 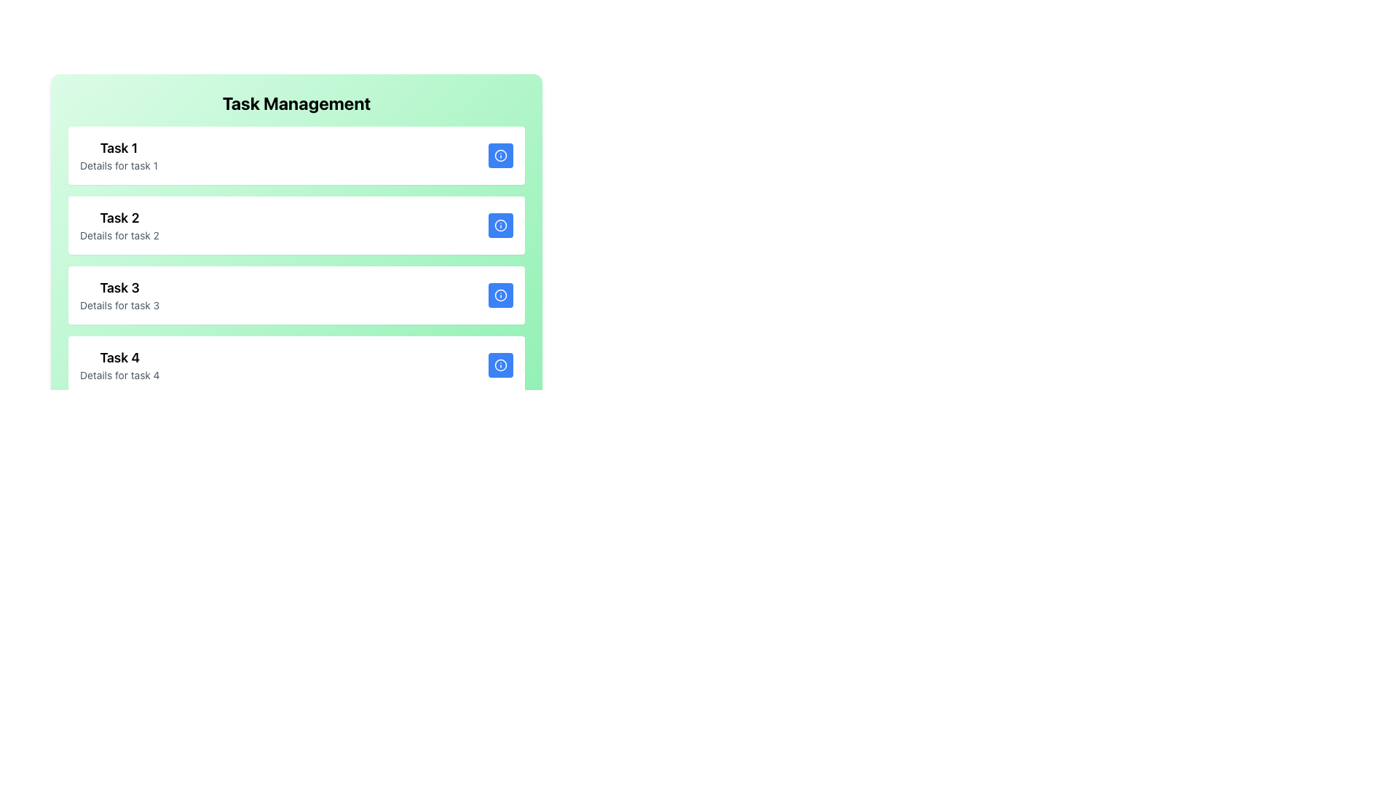 What do you see at coordinates (119, 375) in the screenshot?
I see `the informational Text label that provides details about 'Task 4', positioned below its title in the task entry list` at bounding box center [119, 375].